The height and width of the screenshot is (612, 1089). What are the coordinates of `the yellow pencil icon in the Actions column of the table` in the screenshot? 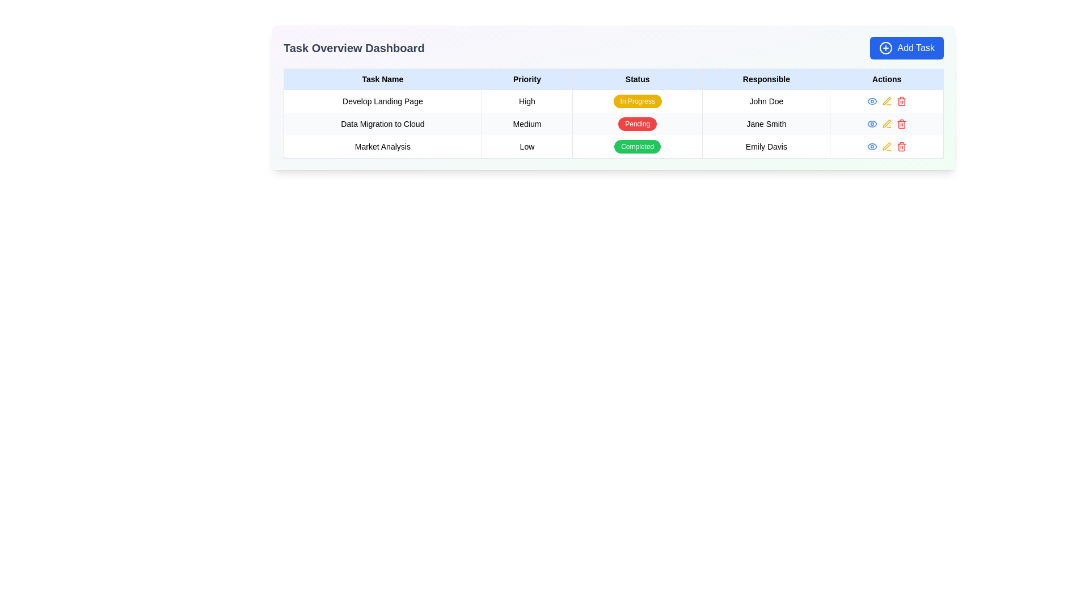 It's located at (886, 124).